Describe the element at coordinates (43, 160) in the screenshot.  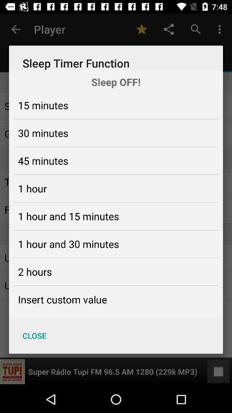
I see `item above the 1 hour icon` at that location.